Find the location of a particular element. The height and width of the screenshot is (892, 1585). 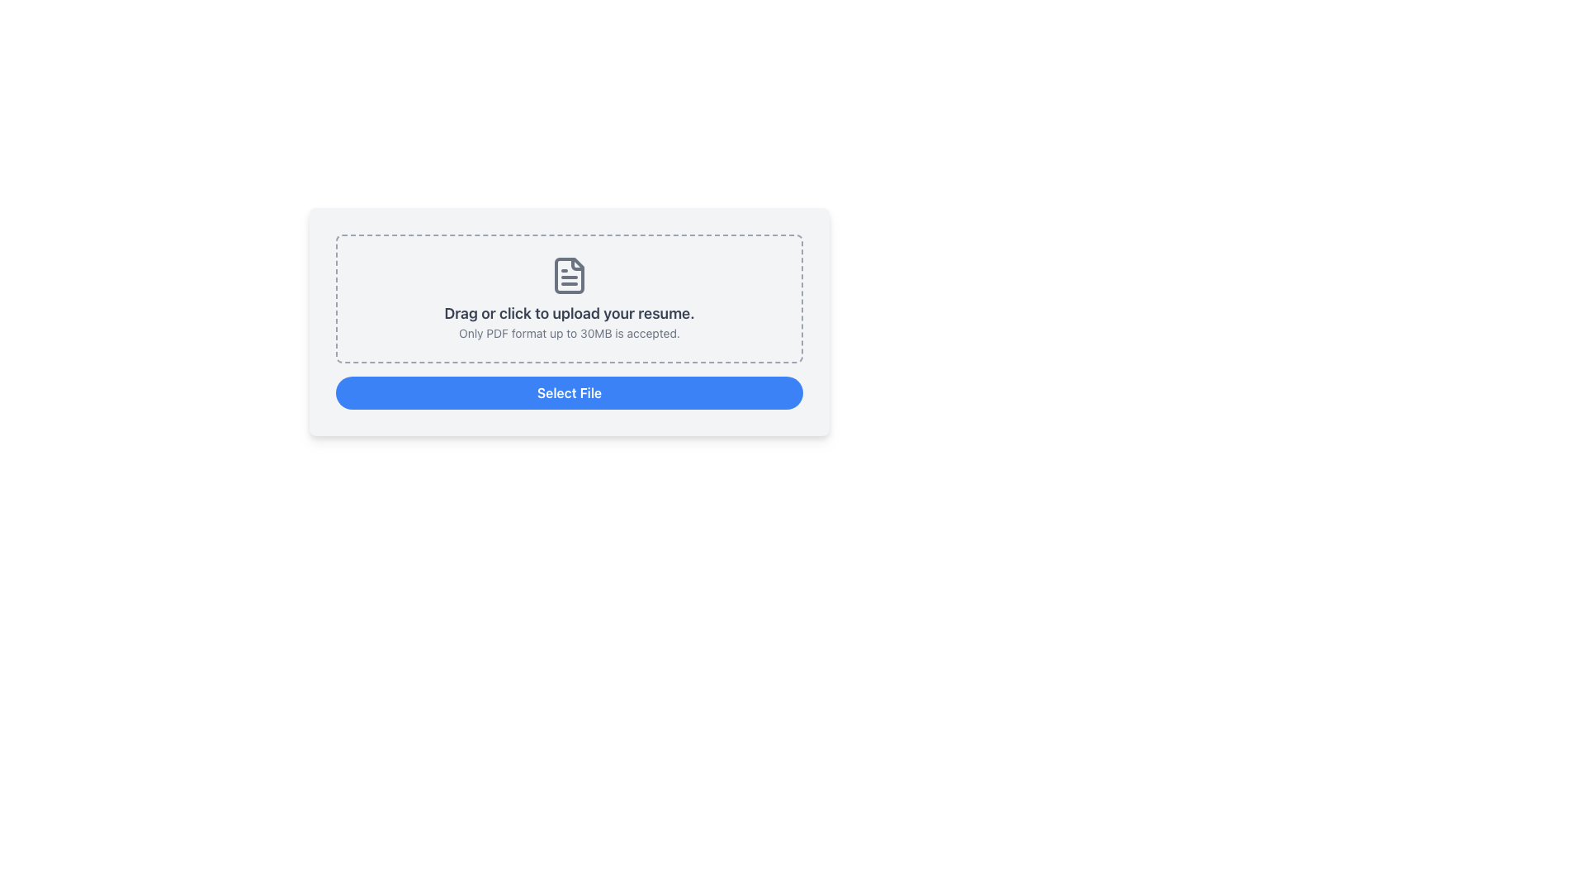

the document upload icon located near the top center of the dashed rectangular bordered area, above the text 'Drag or click to upload your resume.' is located at coordinates (570, 275).